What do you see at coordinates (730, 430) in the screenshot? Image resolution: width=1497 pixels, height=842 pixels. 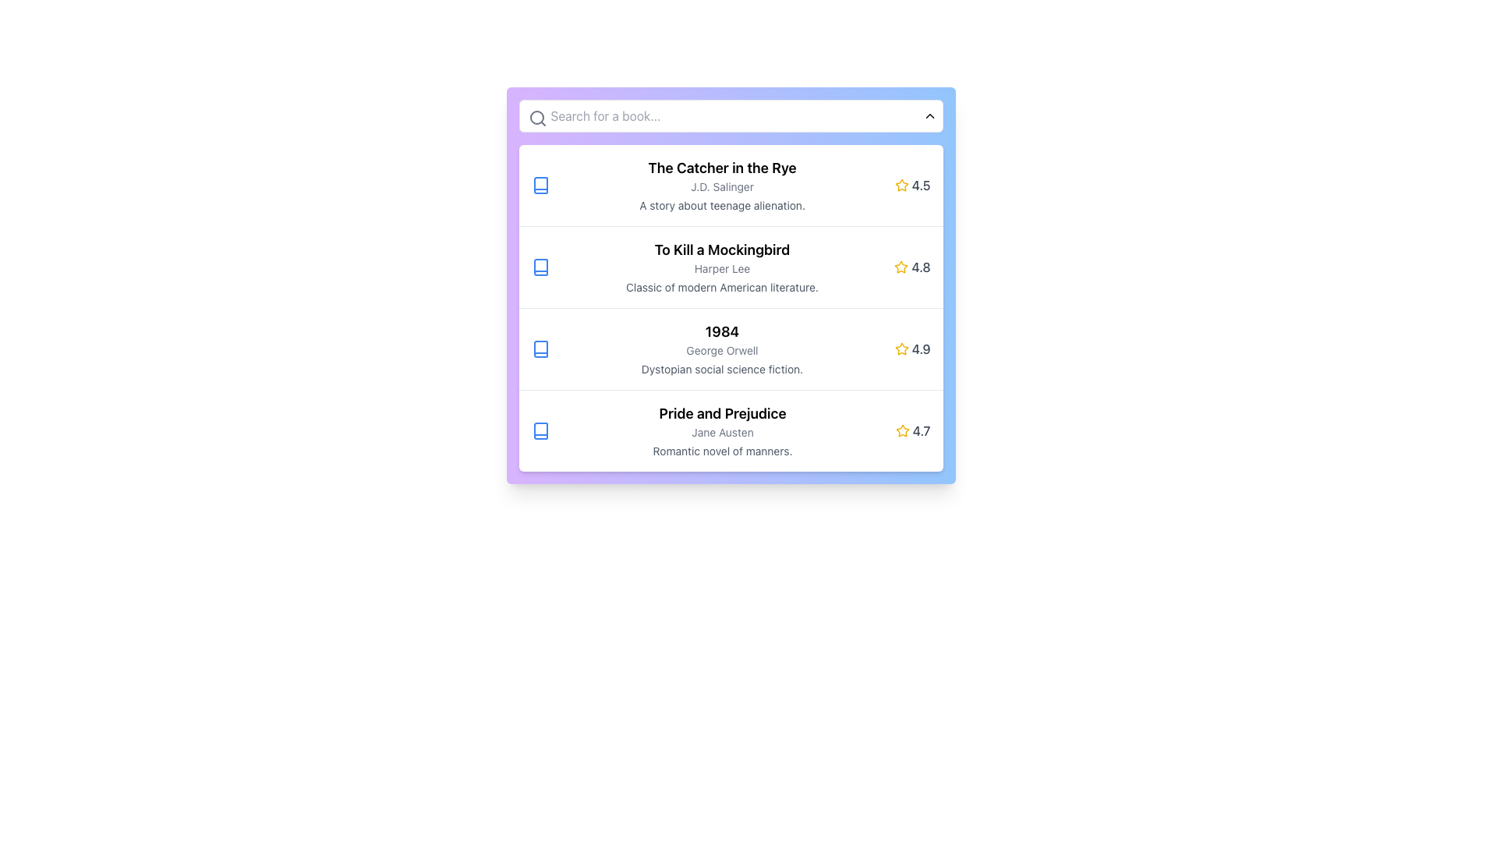 I see `the fourth list item entry representing a book summary` at bounding box center [730, 430].